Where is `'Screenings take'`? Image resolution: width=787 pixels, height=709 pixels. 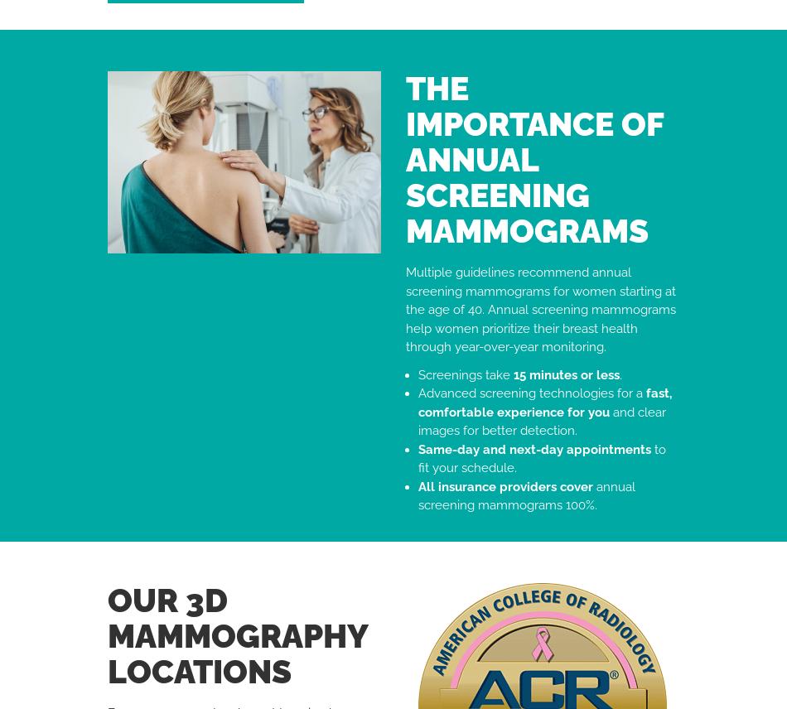
'Screenings take' is located at coordinates (466, 374).